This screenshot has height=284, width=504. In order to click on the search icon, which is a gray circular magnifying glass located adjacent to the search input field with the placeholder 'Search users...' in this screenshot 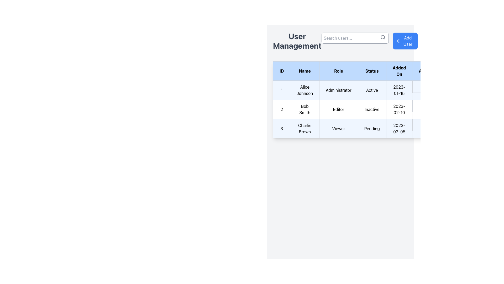, I will do `click(383, 37)`.